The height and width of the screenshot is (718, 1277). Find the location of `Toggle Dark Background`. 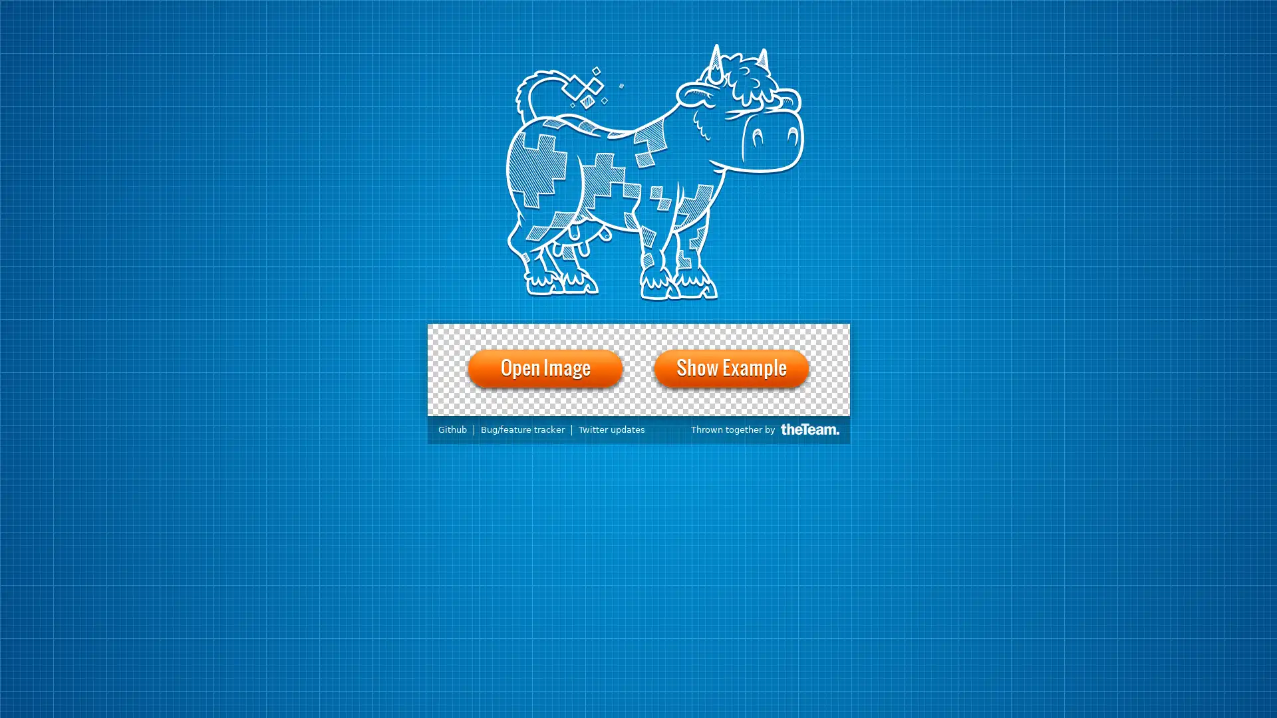

Toggle Dark Background is located at coordinates (692, 332).